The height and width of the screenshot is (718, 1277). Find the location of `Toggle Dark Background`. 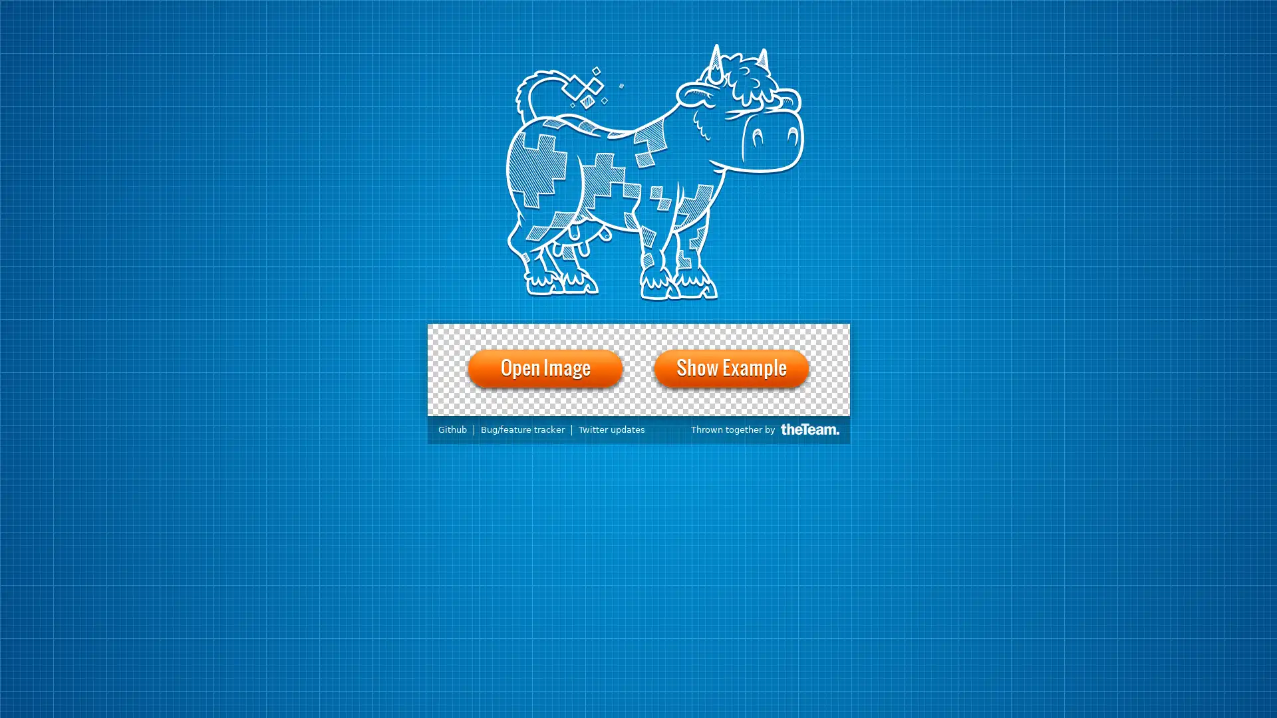

Toggle Dark Background is located at coordinates (692, 332).